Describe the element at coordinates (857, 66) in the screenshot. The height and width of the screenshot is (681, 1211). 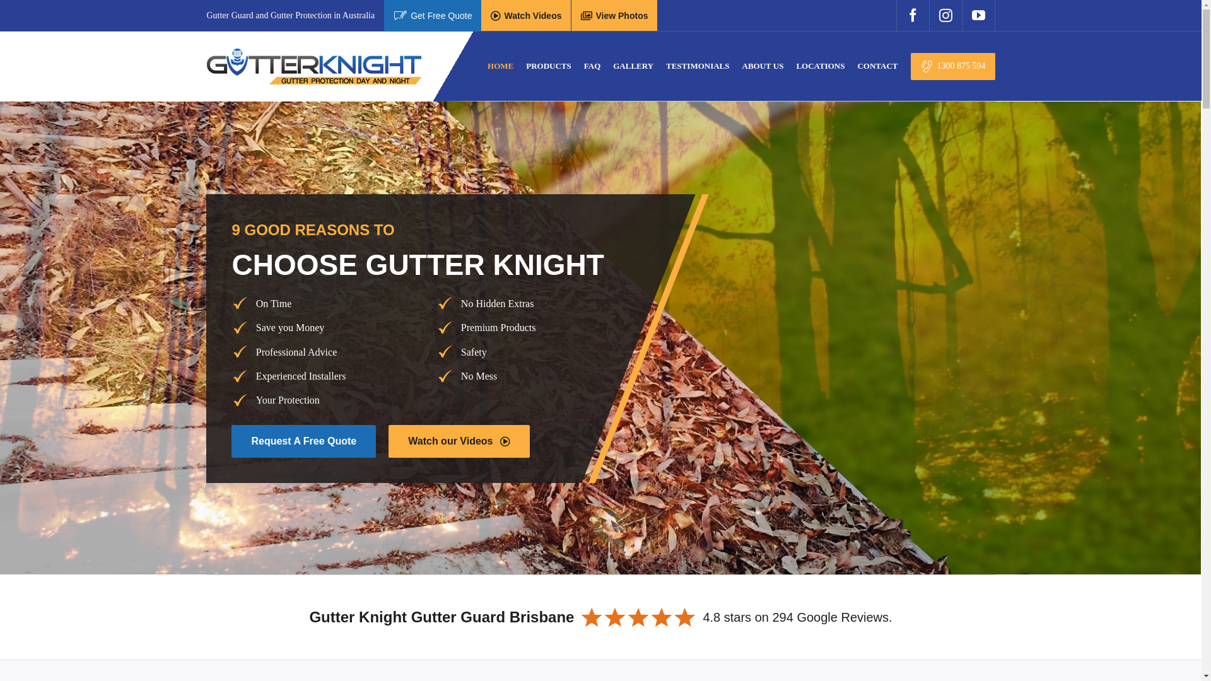
I see `'CONTACT'` at that location.